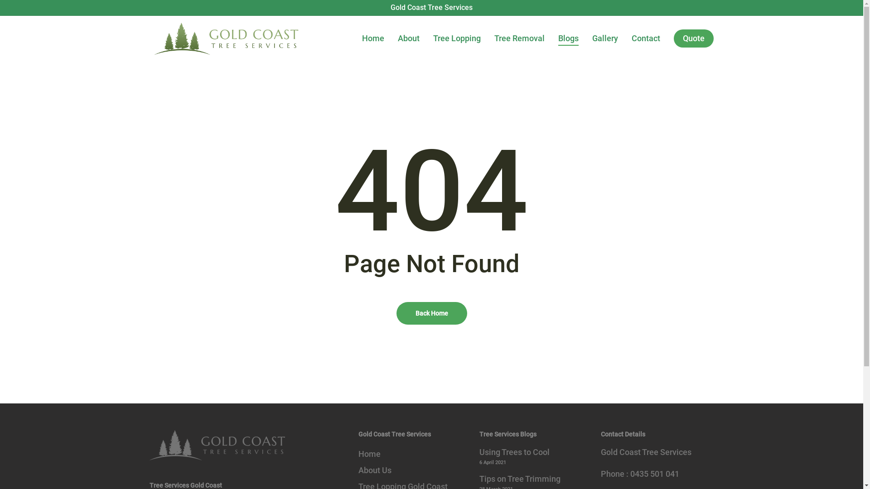  What do you see at coordinates (693, 38) in the screenshot?
I see `'Quote'` at bounding box center [693, 38].